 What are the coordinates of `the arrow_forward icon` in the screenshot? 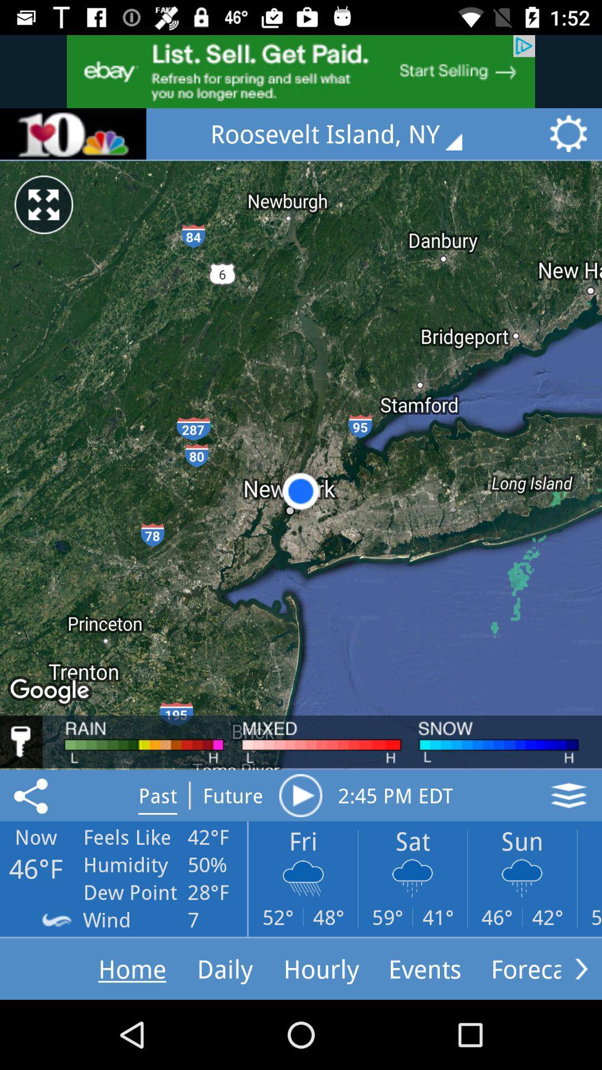 It's located at (581, 968).